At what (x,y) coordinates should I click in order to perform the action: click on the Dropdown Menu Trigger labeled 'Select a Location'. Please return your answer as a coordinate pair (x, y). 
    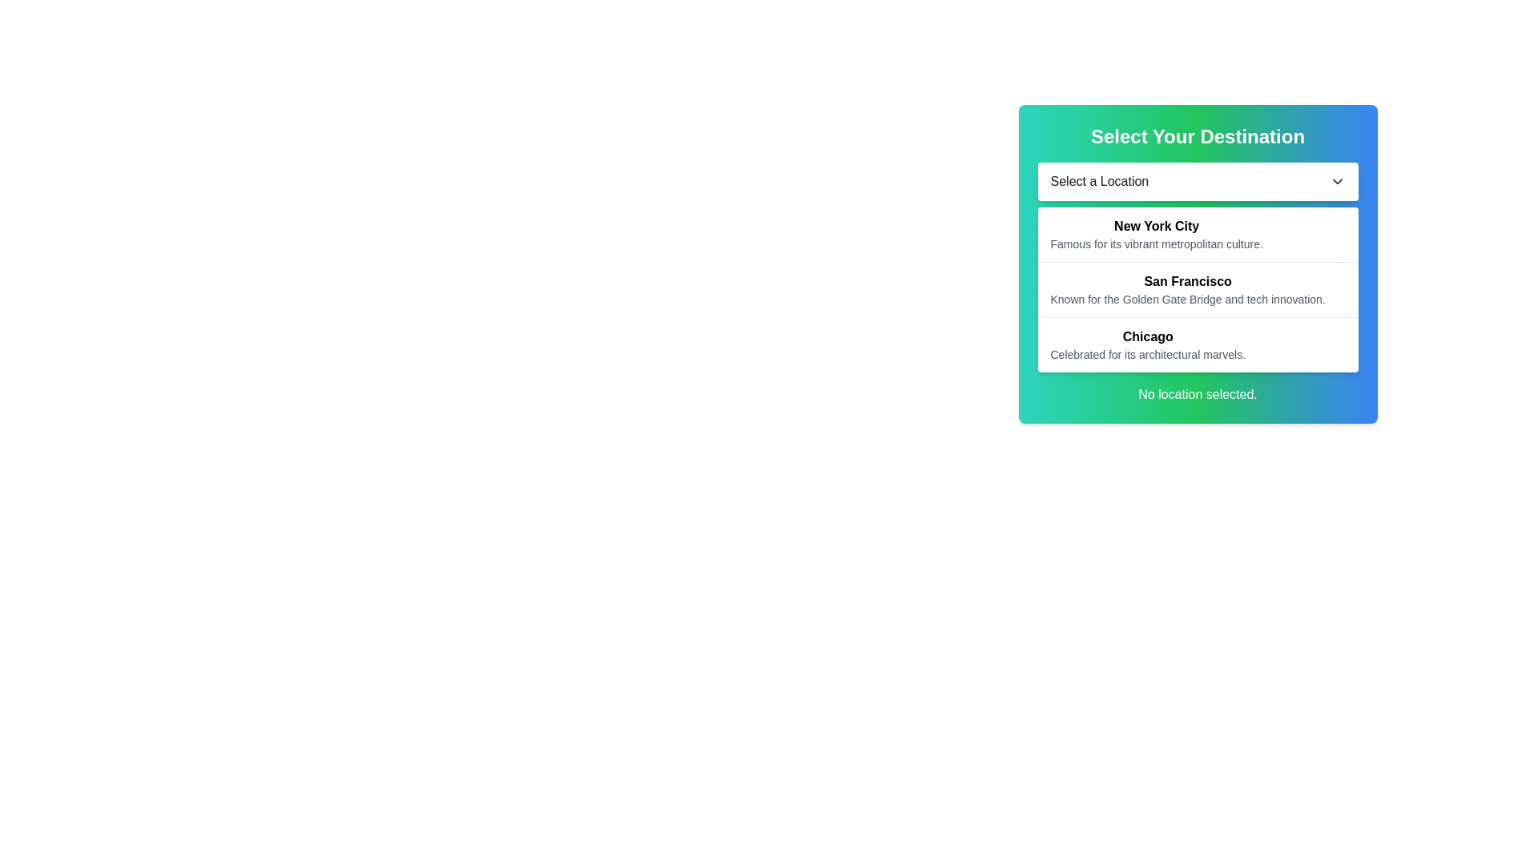
    Looking at the image, I should click on (1198, 181).